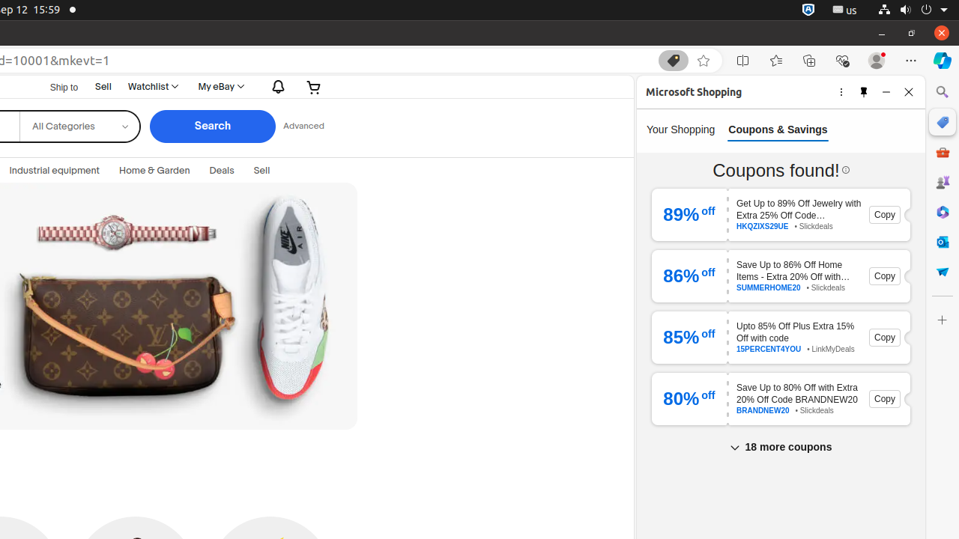 The height and width of the screenshot is (539, 959). Describe the element at coordinates (780, 275) in the screenshot. I see `'86 % off Save Up to 86% Off Home Items - Extra 20% Off with SUMMERHOME20 Code SUMMERHOME20 • Slickdeals Copy'` at that location.